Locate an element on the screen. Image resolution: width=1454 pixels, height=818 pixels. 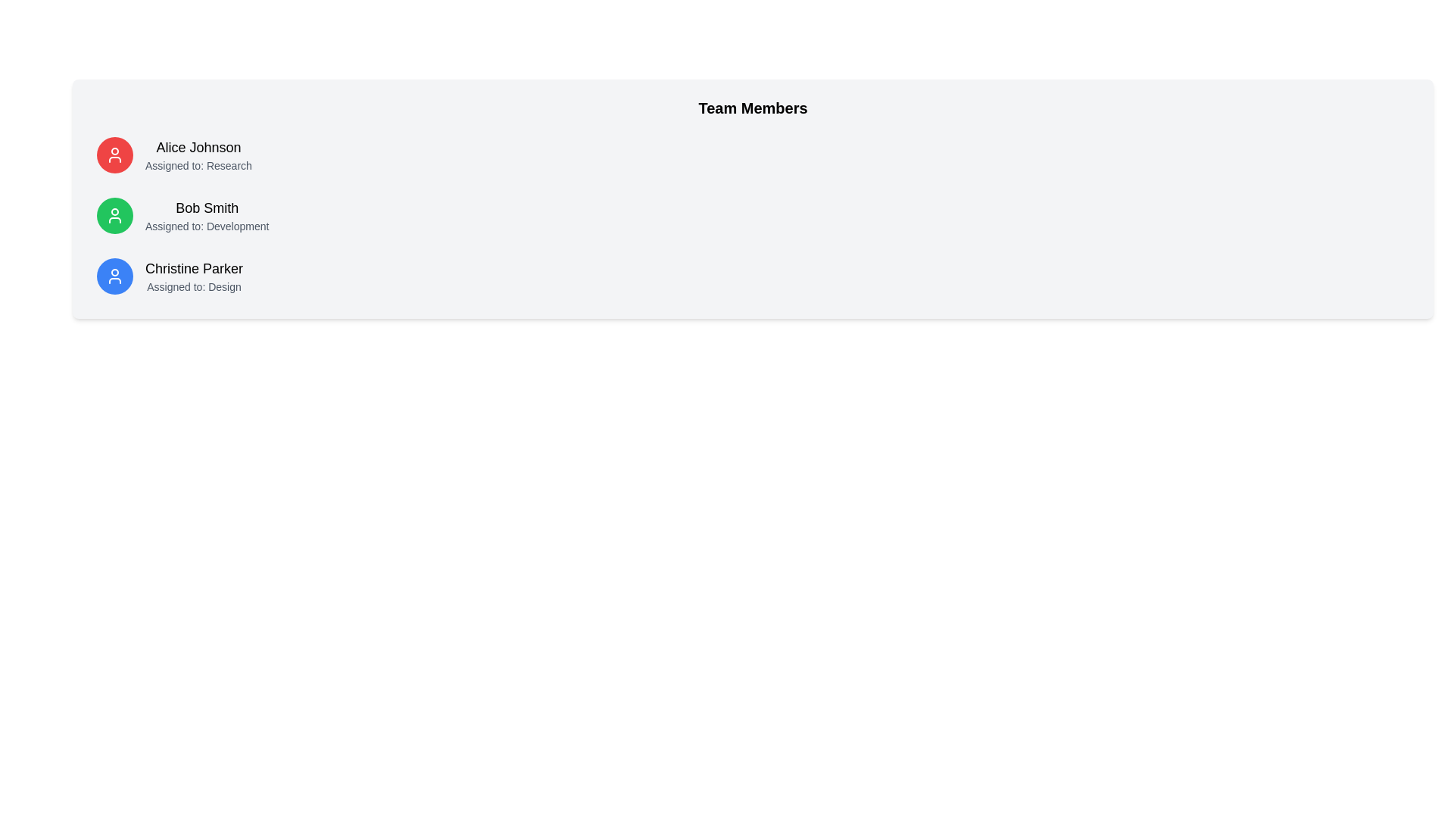
the text display for 'Christine Parker' which is the third element in the 'Team Members' list is located at coordinates (193, 276).